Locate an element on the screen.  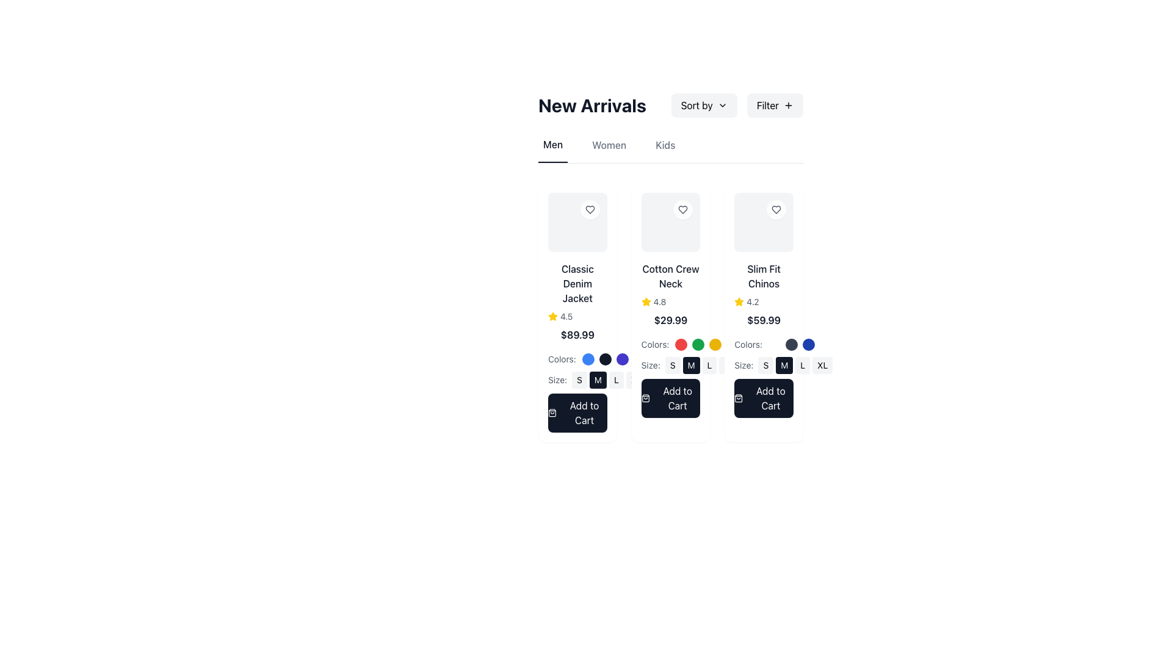
the blue circular color selection button with a white border located in the 'Colors:' section below the 'Classic Denim Jacket' product card is located at coordinates (588, 358).